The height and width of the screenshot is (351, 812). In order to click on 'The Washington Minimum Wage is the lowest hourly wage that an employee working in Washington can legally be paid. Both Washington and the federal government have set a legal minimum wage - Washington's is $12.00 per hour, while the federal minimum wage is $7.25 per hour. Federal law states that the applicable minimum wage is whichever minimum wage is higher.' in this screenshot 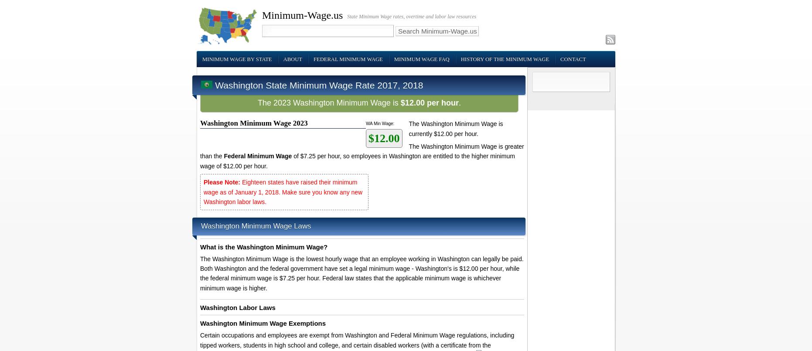, I will do `click(361, 273)`.